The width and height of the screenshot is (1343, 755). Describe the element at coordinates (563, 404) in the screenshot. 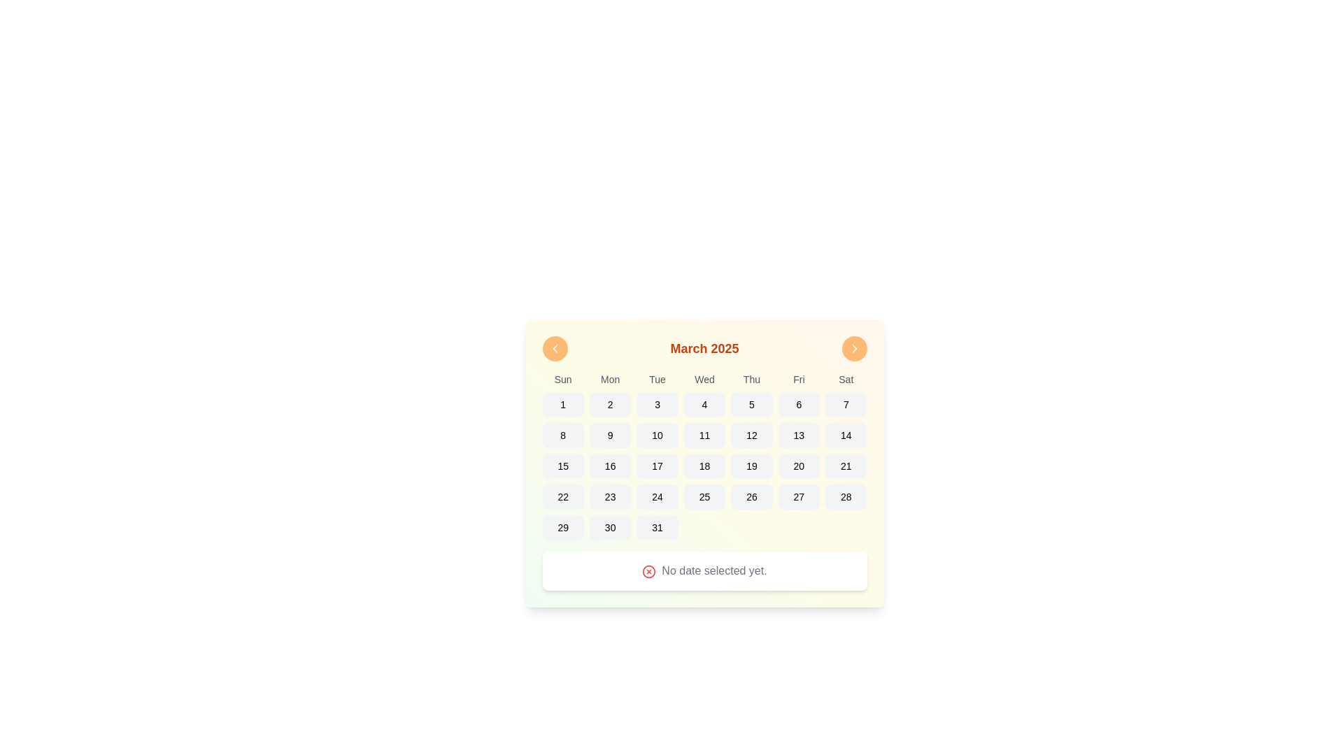

I see `the interactive button labeled '1' in the calendar grid, located under the 'Sun' header` at that location.